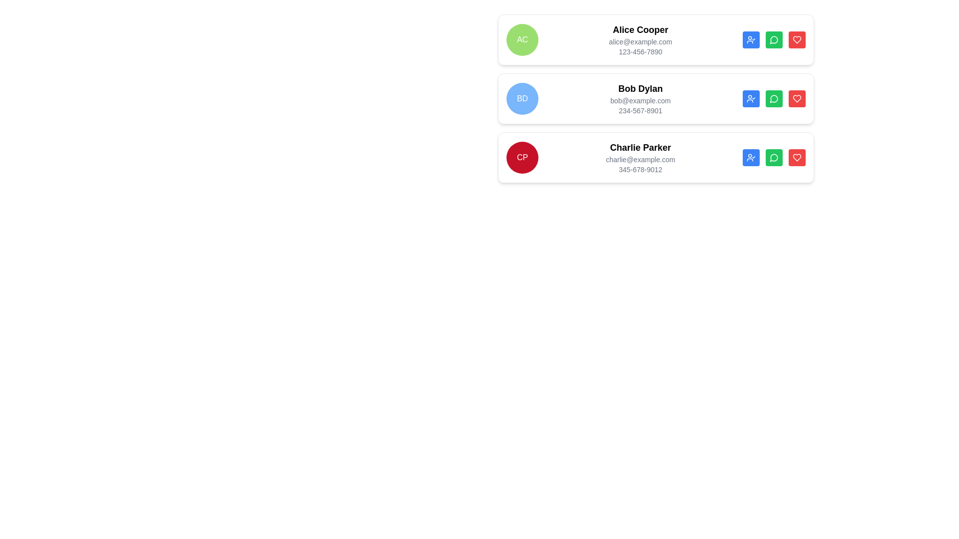  What do you see at coordinates (640, 88) in the screenshot?
I see `the Text label or heading that displays a person's name, which is positioned at the top of a segmented card above the email address 'bob@example.com' and the phone number '234-567-8901'` at bounding box center [640, 88].